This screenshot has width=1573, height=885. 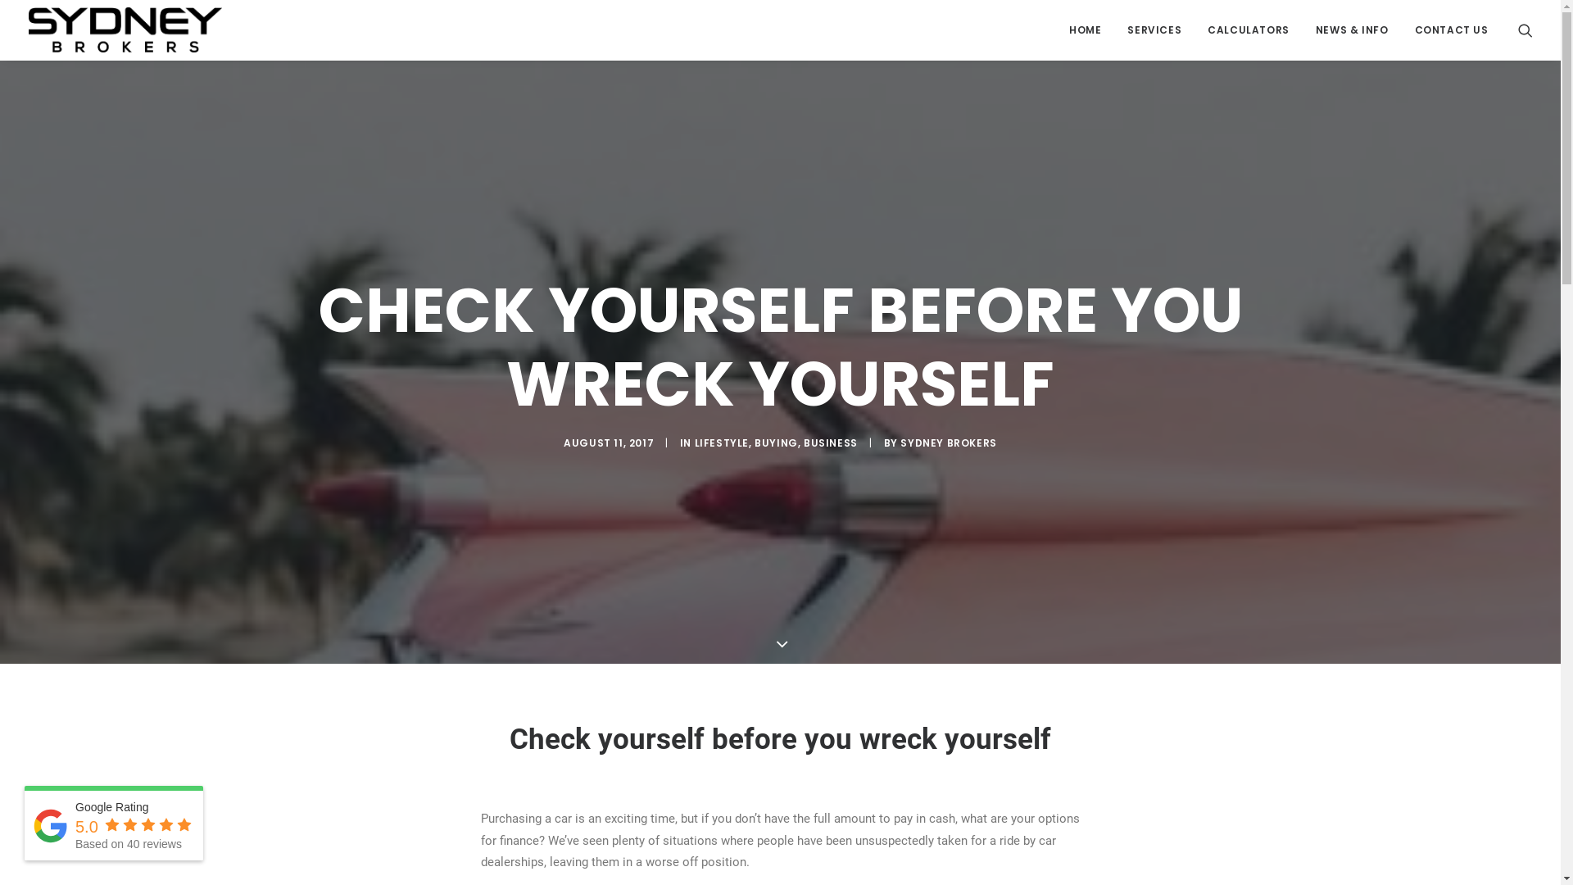 I want to click on 'SERVICES', so click(x=1154, y=29).